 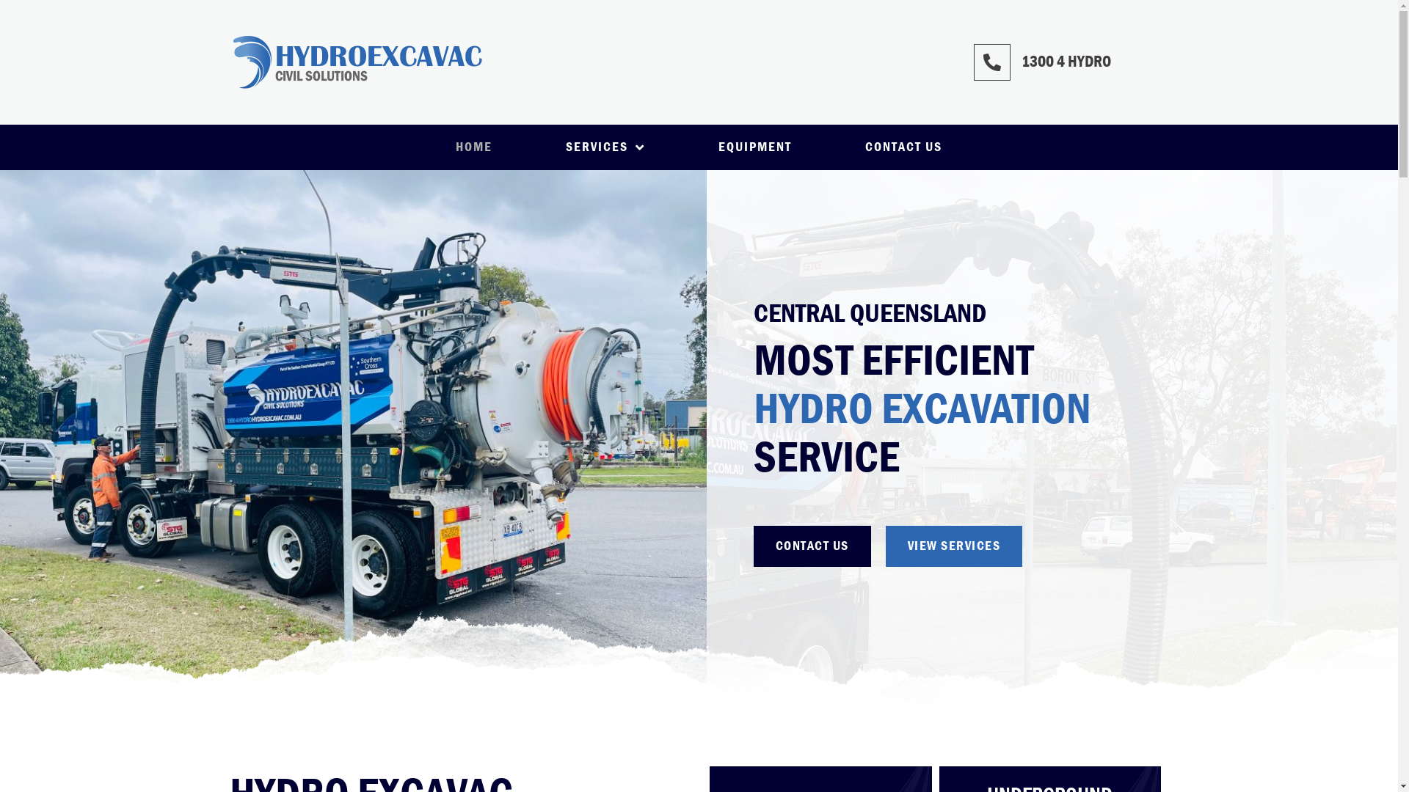 I want to click on 'CONTACT US', so click(x=754, y=546).